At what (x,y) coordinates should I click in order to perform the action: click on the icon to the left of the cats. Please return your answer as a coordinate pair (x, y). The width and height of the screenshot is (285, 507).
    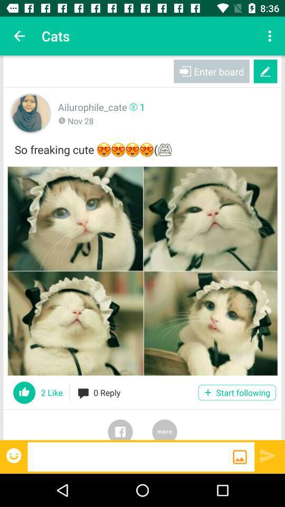
    Looking at the image, I should click on (19, 36).